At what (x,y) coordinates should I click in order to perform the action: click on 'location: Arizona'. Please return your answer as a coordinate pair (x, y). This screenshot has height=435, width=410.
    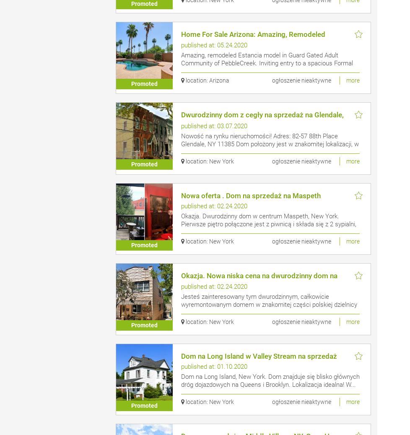
    Looking at the image, I should click on (206, 80).